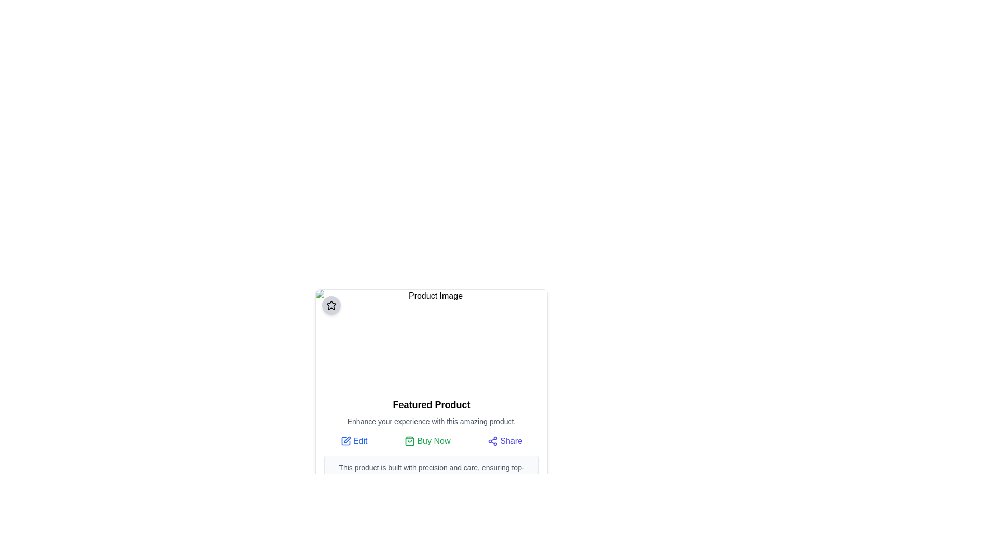 The image size is (996, 560). Describe the element at coordinates (330, 305) in the screenshot. I see `the star-shaped icon within the circular button located in the top-left corner of the 'Product Image' card` at that location.